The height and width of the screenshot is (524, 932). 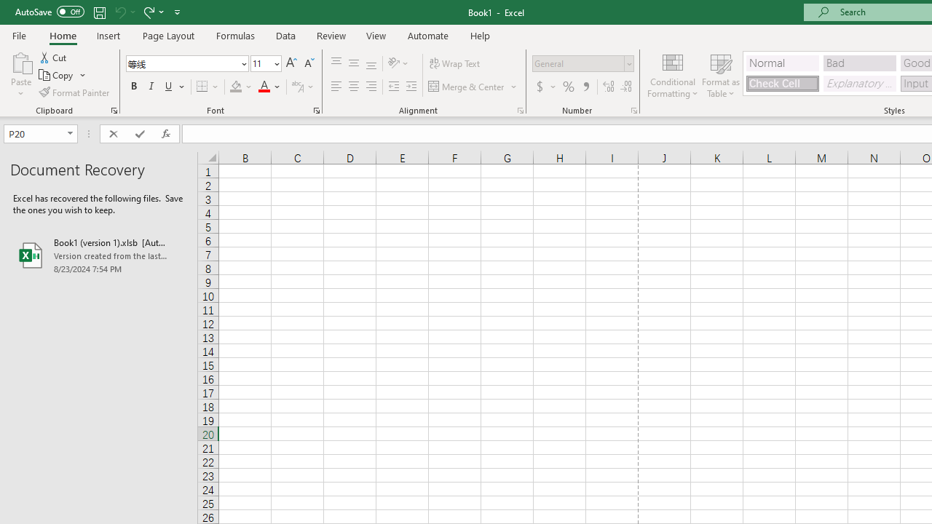 I want to click on 'Paste', so click(x=20, y=61).